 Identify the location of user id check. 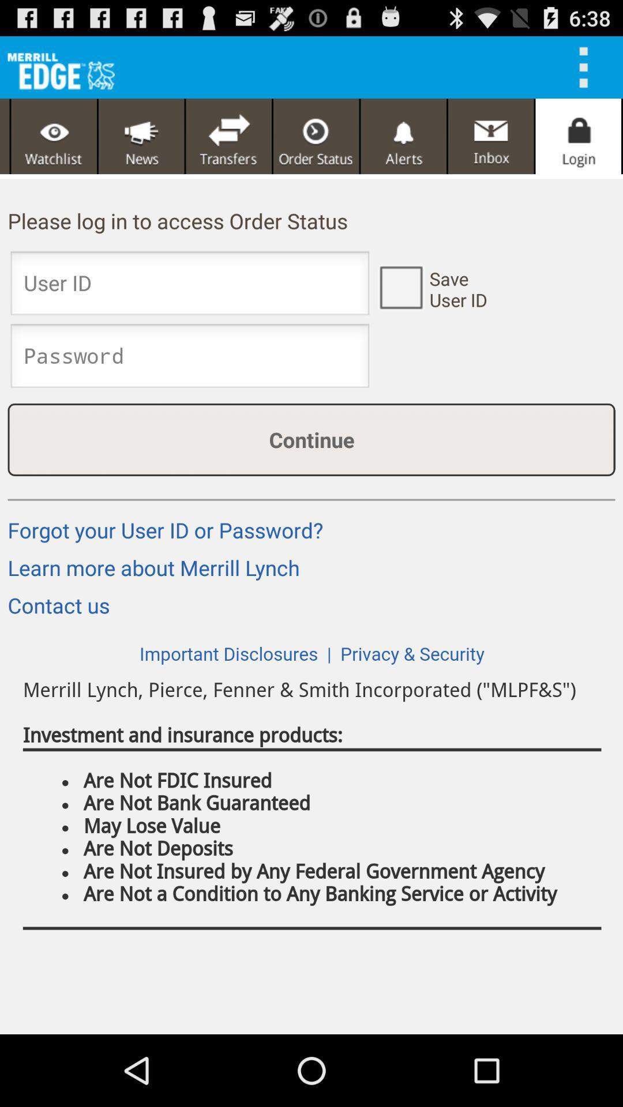
(400, 287).